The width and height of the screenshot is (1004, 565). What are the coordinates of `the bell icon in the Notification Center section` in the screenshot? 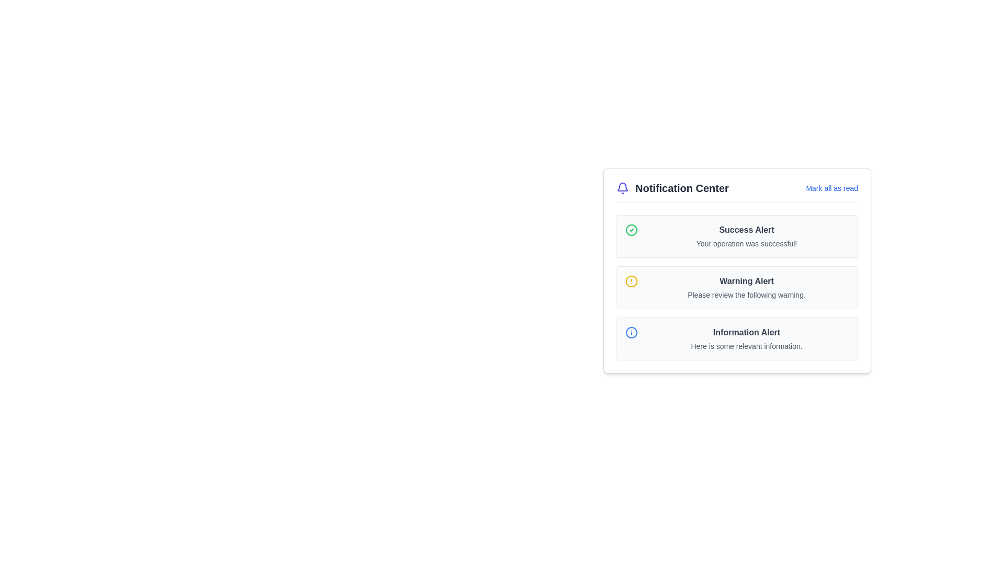 It's located at (622, 187).